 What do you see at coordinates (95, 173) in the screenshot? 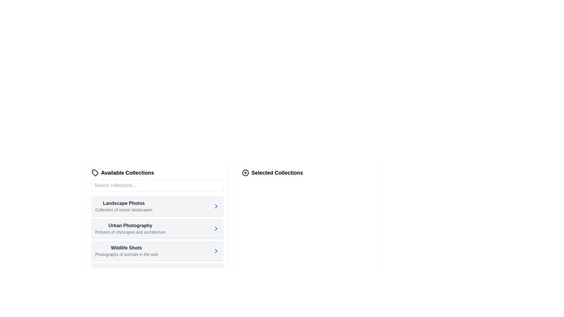
I see `the small tag icon with a minimalistic black outline, located to the left of the 'Available Collections' text` at bounding box center [95, 173].